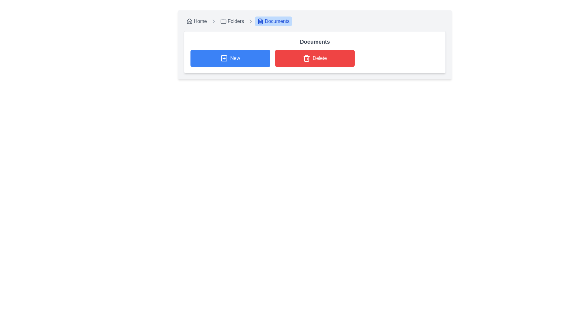 The height and width of the screenshot is (330, 587). Describe the element at coordinates (273, 21) in the screenshot. I see `the third button in the breadcrumb navigation sequence` at that location.